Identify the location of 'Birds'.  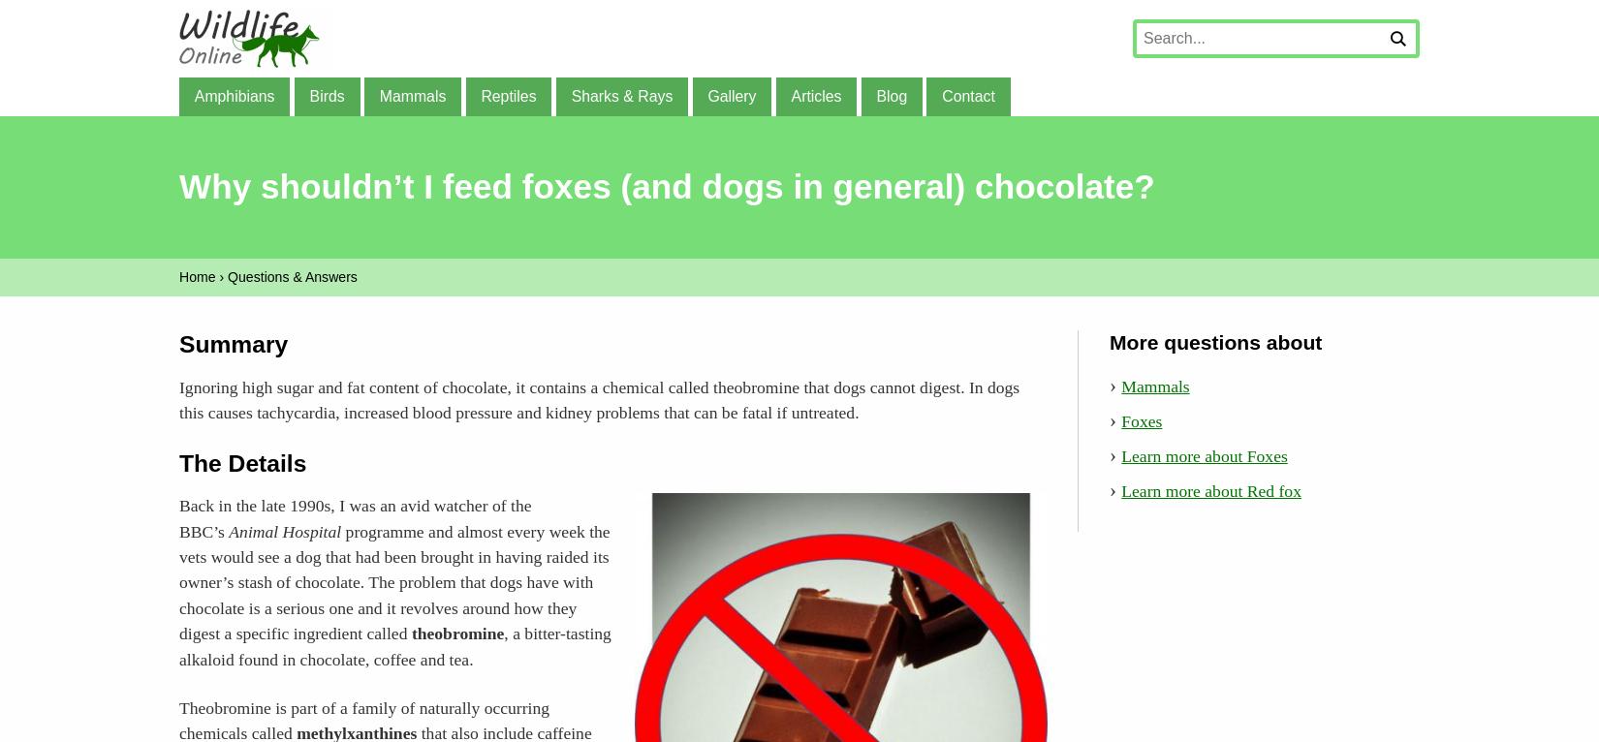
(326, 94).